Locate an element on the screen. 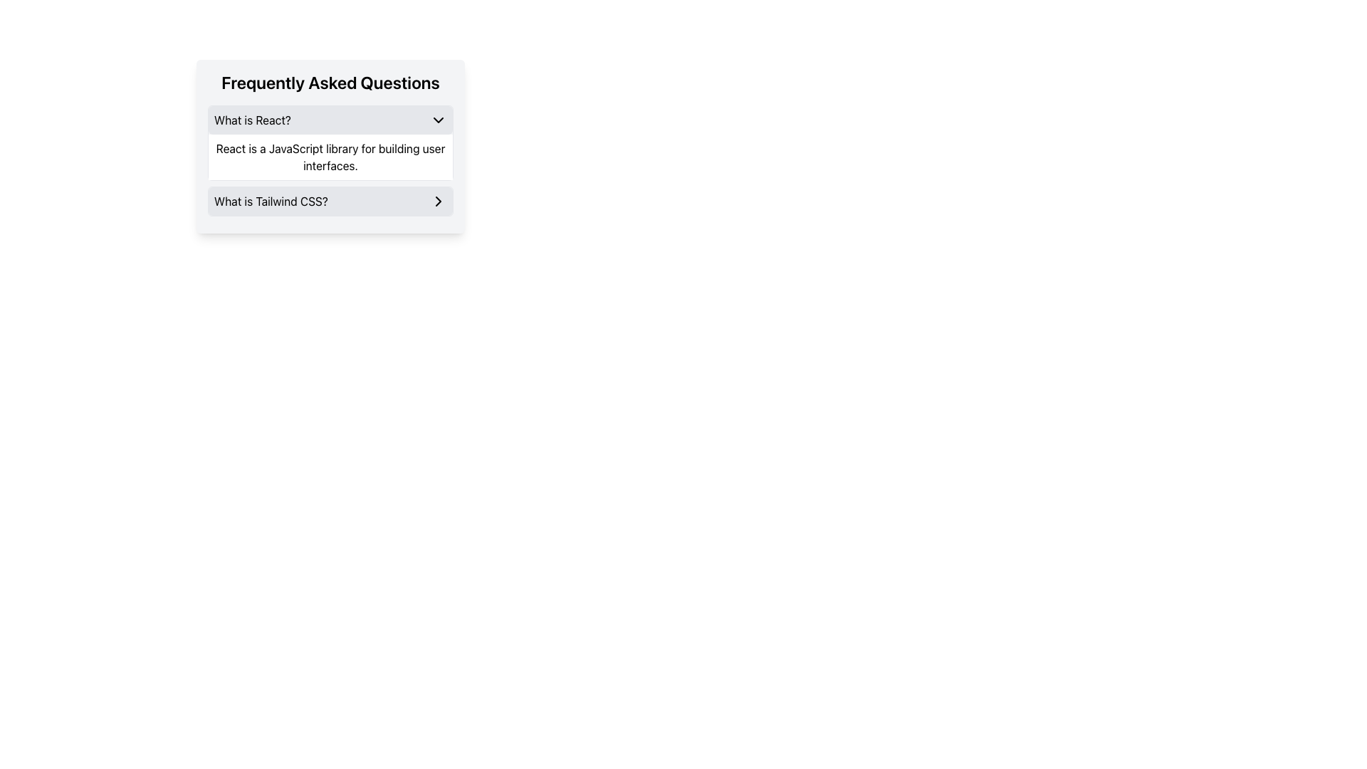 This screenshot has height=769, width=1367. the chevron icon on the rightmost section of the FAQ row labeled 'What is Tailwind CSS?' is located at coordinates (437, 201).